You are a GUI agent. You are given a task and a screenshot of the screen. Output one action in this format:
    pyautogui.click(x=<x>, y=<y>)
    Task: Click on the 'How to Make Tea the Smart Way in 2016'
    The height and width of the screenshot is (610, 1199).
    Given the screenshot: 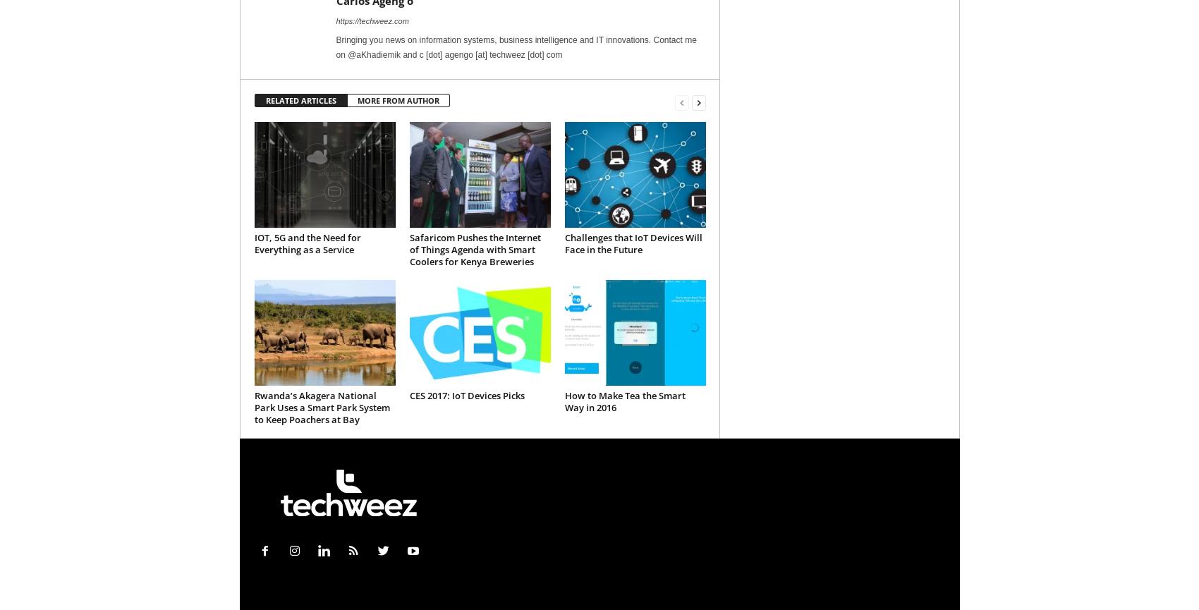 What is the action you would take?
    pyautogui.click(x=624, y=401)
    